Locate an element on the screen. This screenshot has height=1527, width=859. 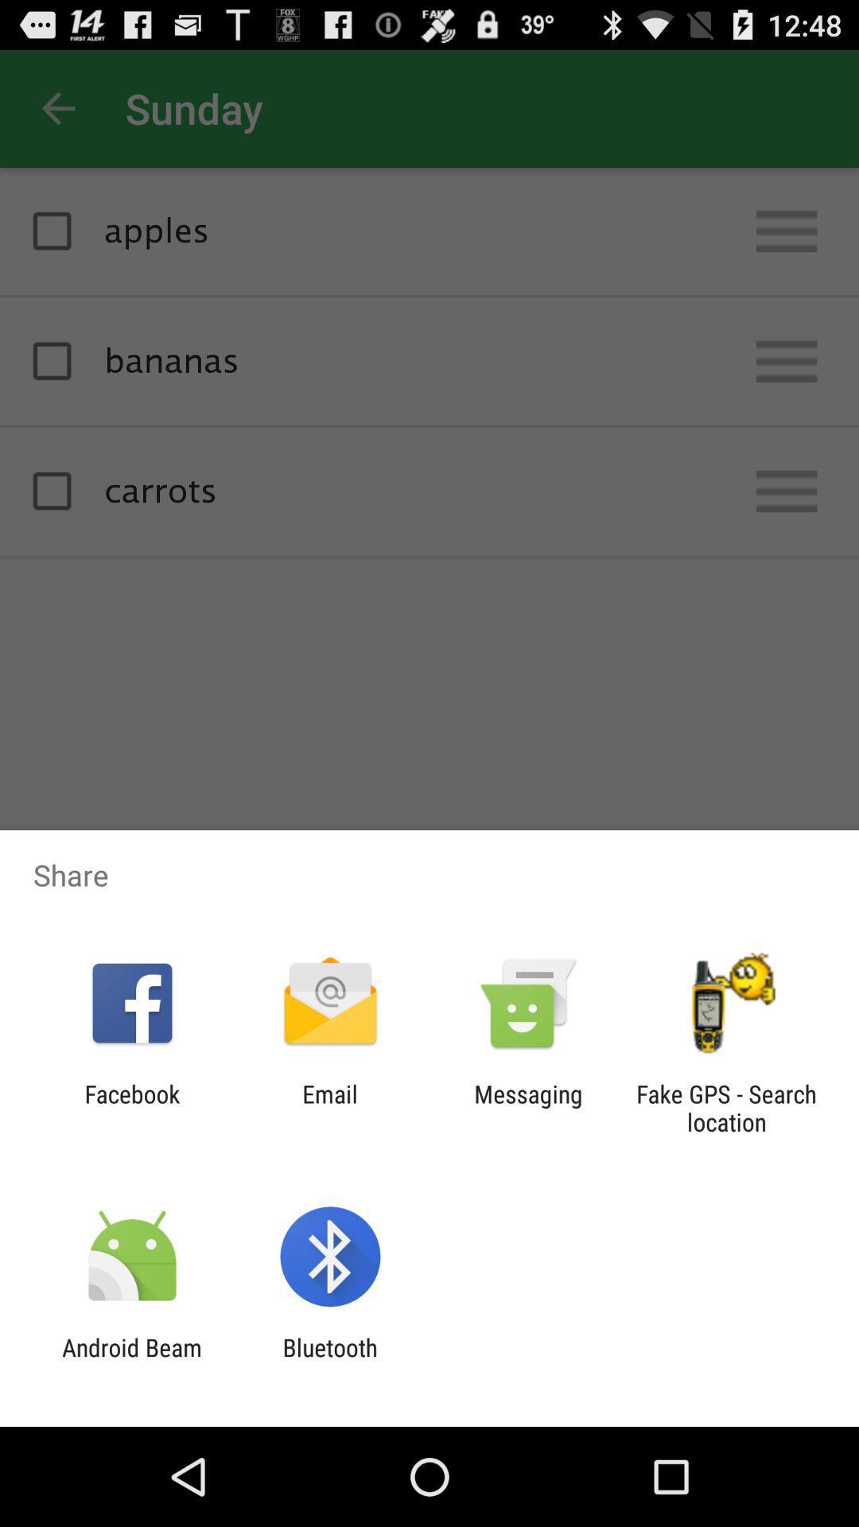
the app next to messaging app is located at coordinates (726, 1107).